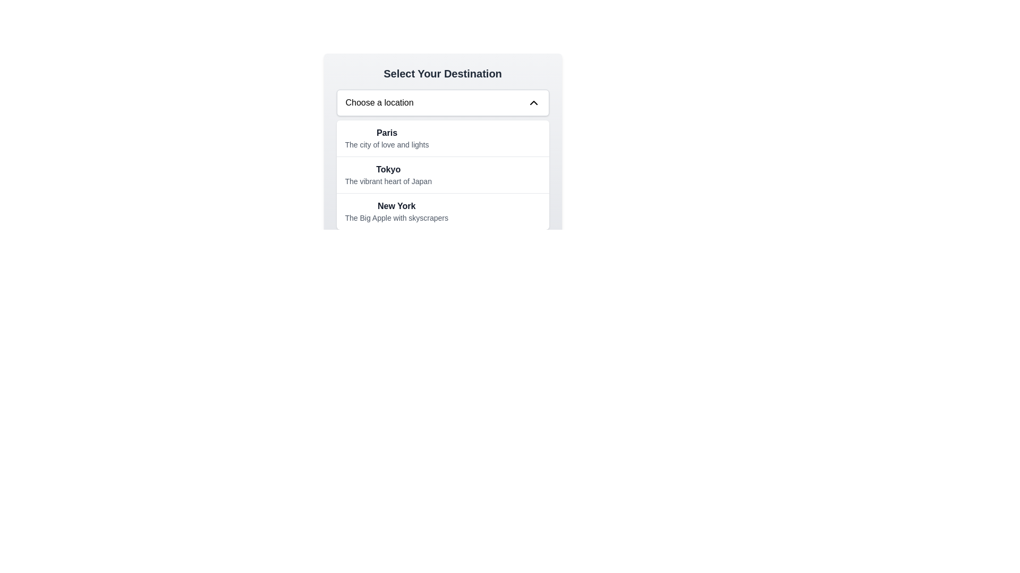 The height and width of the screenshot is (573, 1020). What do you see at coordinates (388, 175) in the screenshot?
I see `the List item displaying 'Tokyo' with the subtitle 'The vibrant heart of Japan'` at bounding box center [388, 175].